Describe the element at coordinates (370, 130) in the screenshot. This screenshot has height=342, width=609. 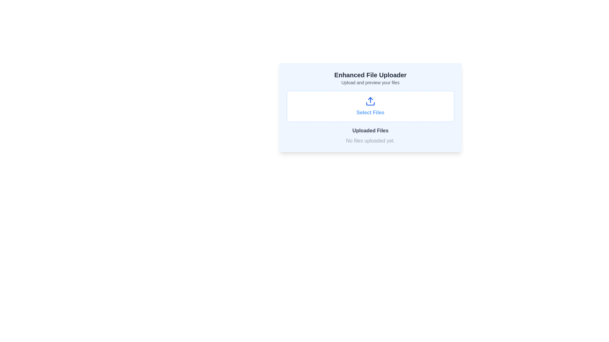
I see `the 'Uploaded Files' text label, which is styled with a medium font size and bold weight in charcoal-gray color, located centrally below the upload section and above the 'No files uploaded yet.' message` at that location.